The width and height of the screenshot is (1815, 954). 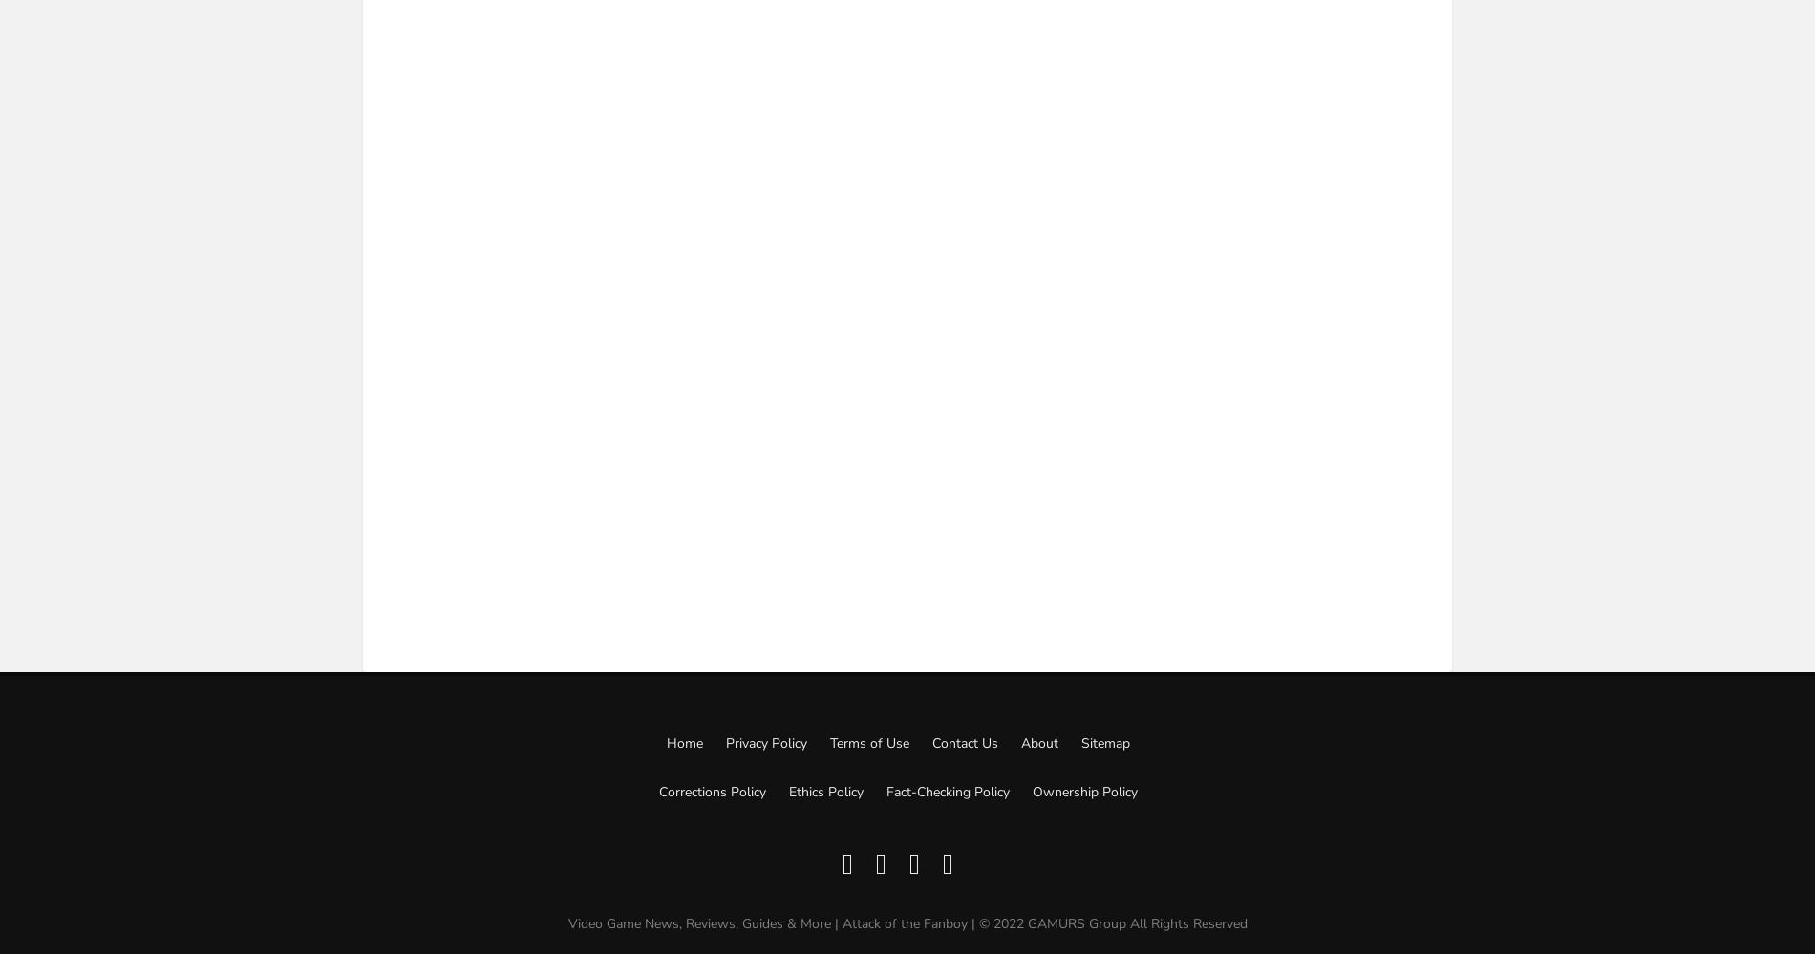 I want to click on 'About', so click(x=1038, y=743).